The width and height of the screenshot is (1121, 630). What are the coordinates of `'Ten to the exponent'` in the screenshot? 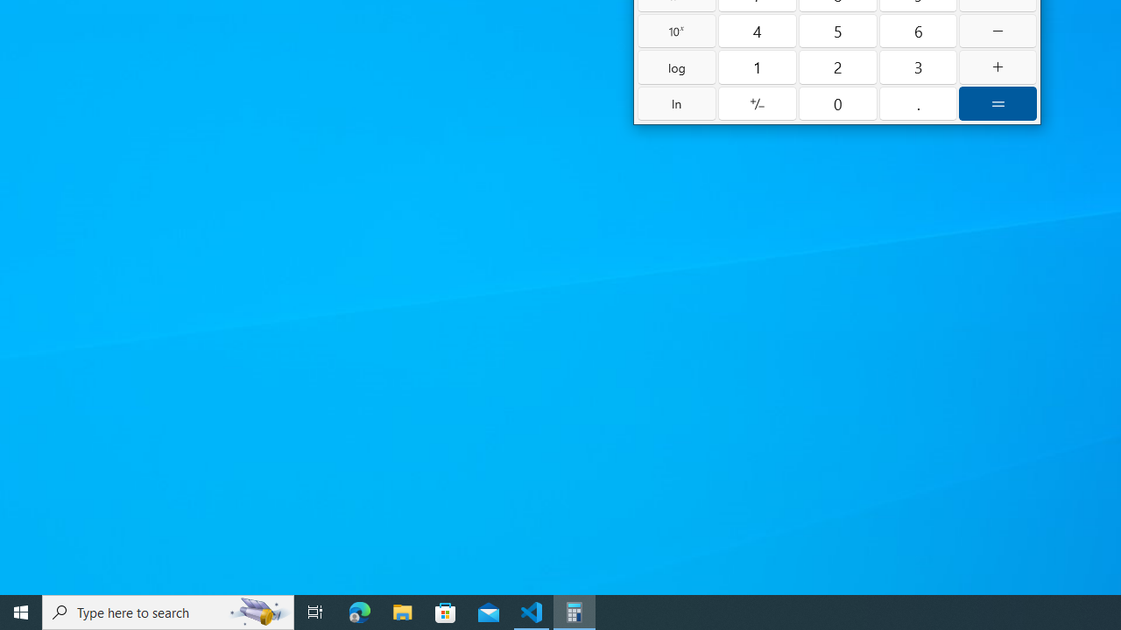 It's located at (676, 31).